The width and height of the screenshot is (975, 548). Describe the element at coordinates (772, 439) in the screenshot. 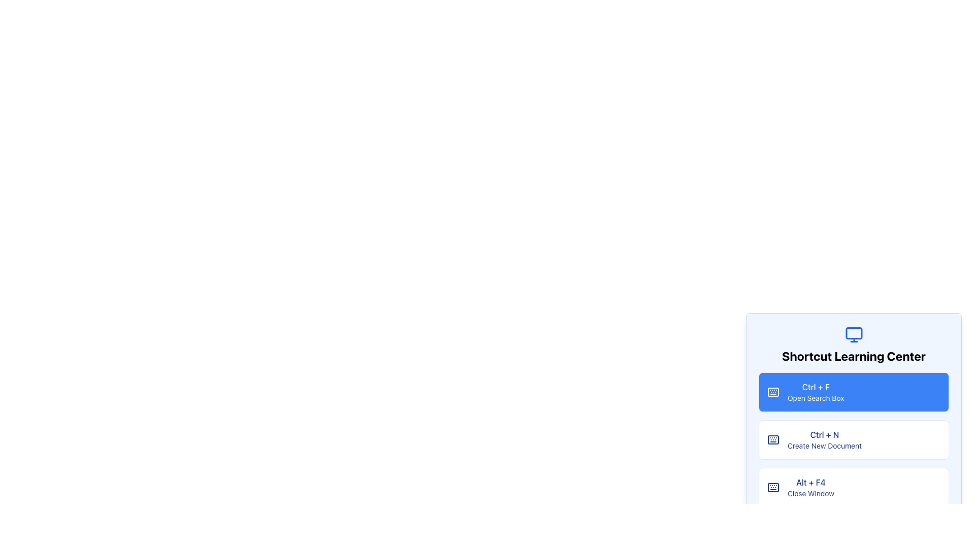

I see `the keyboard icon outlined in blue or black, which is located to the left of the label 'Ctrl + N' in the Shortcut Learning Center panel` at that location.